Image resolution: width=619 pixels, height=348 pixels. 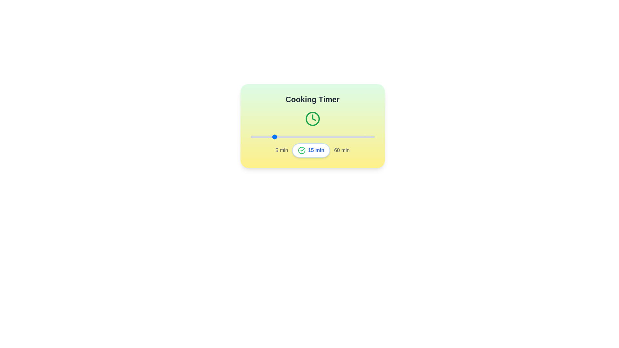 What do you see at coordinates (266, 136) in the screenshot?
I see `the timer` at bounding box center [266, 136].